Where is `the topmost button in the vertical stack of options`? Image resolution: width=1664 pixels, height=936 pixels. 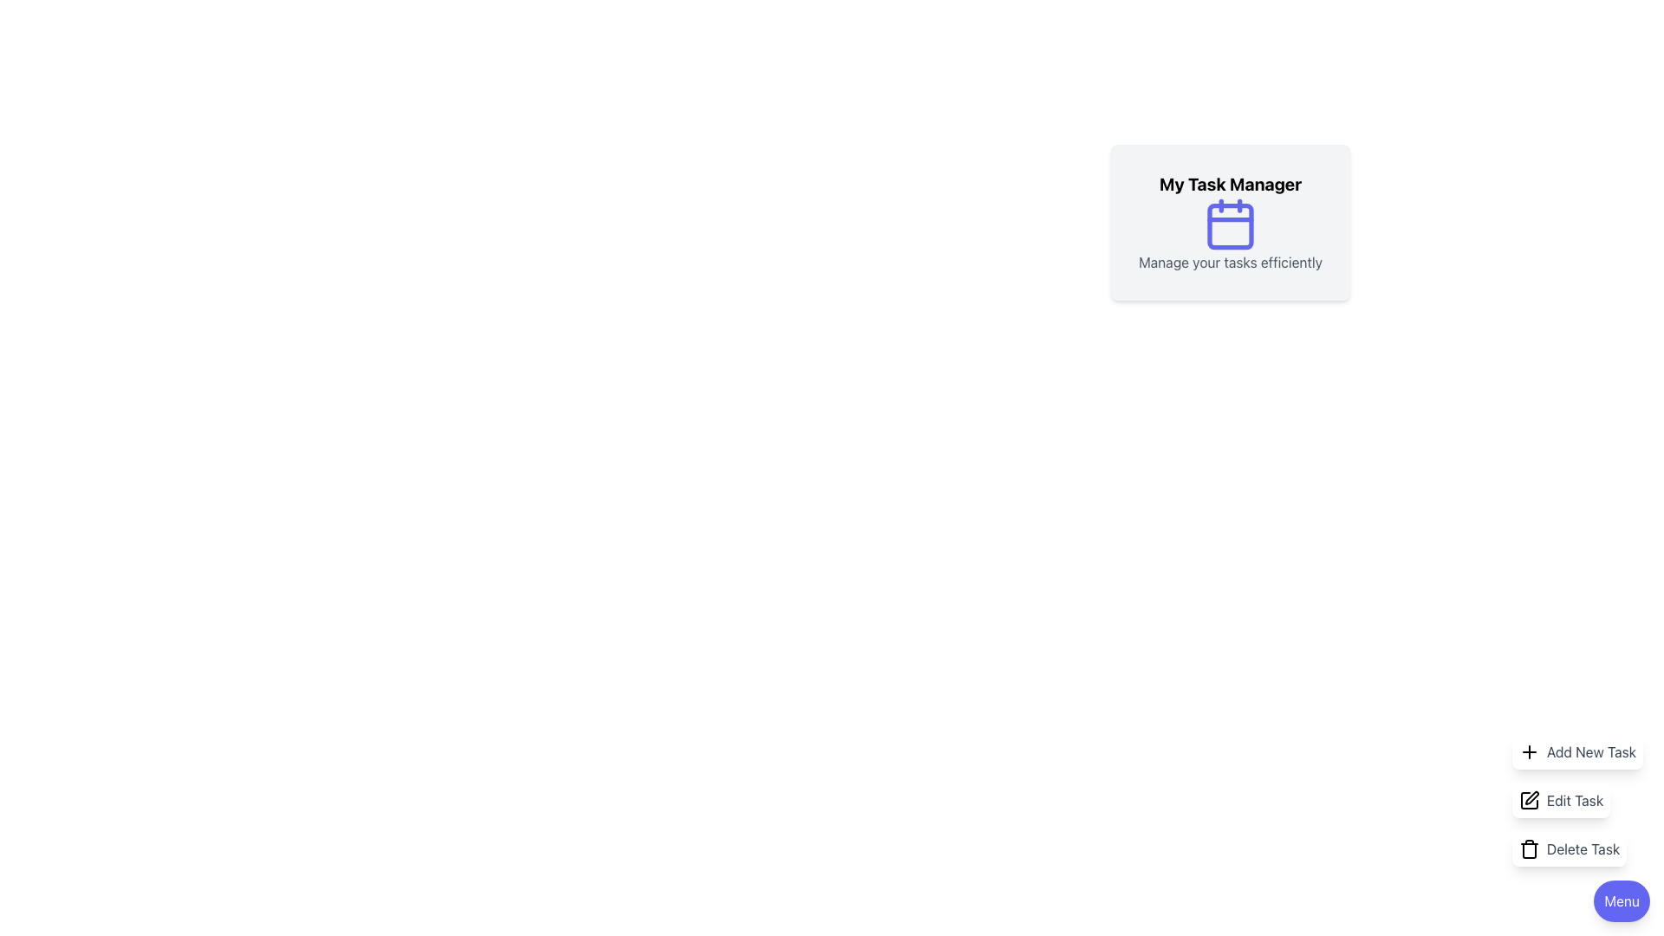
the topmost button in the vertical stack of options is located at coordinates (1577, 751).